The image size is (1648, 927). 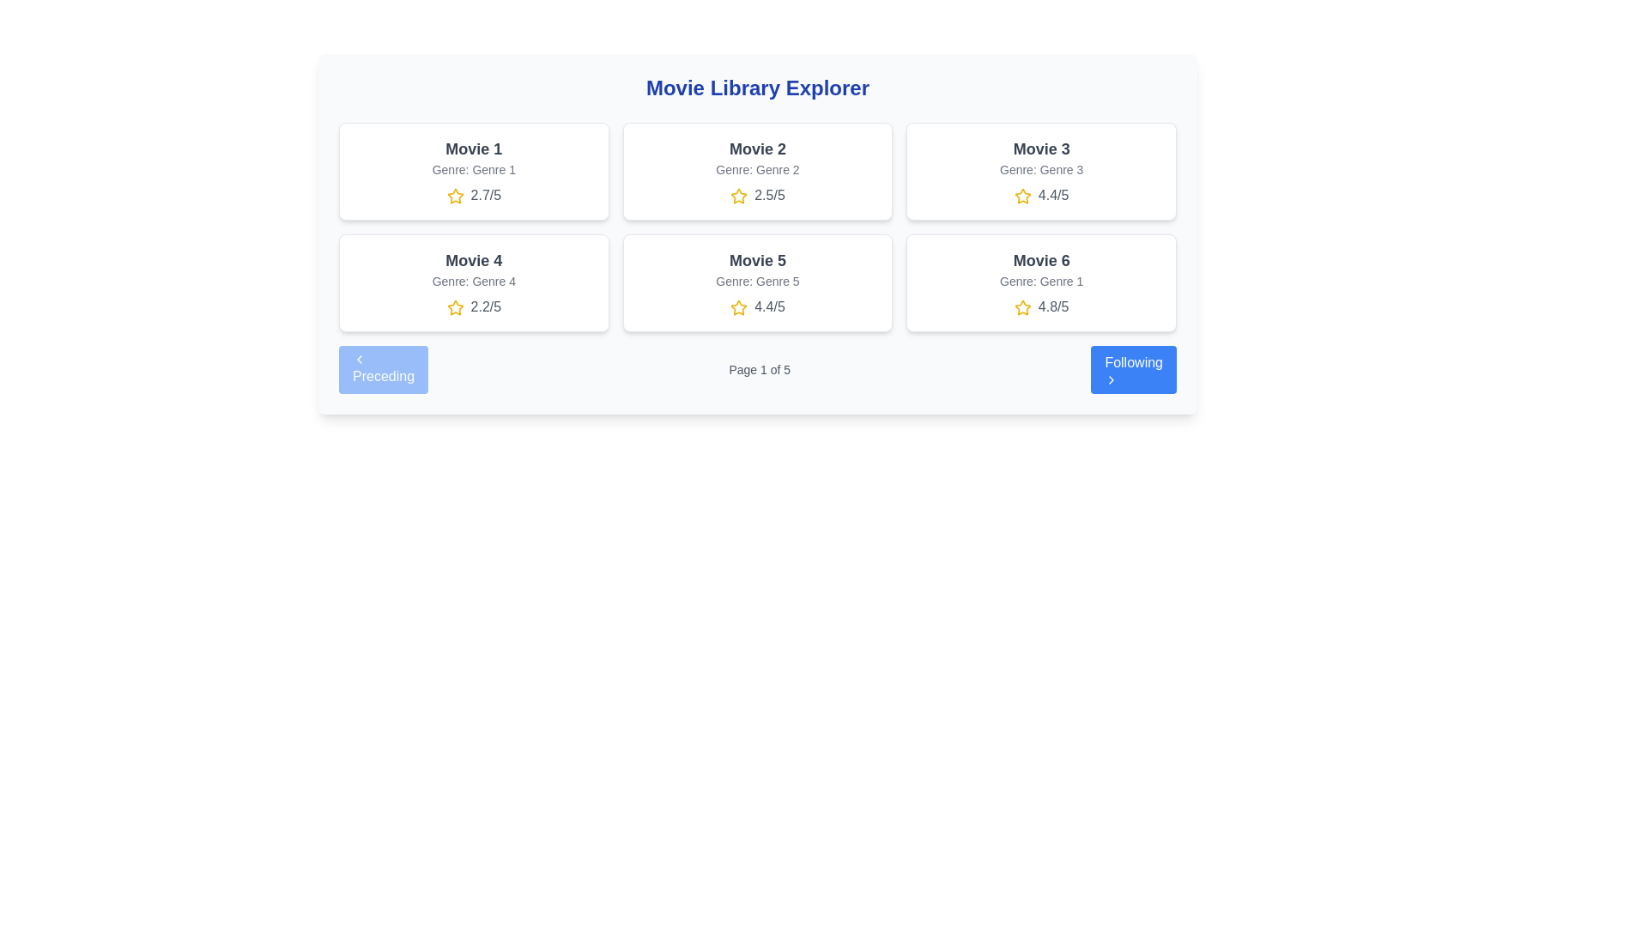 I want to click on the text label displaying the rating '4.8/5' located in the bottom-right corner of the 'Movie Library Explorer' interface, adjacent to the yellow star icon in the 'Movie 6' rating section, so click(x=1052, y=306).